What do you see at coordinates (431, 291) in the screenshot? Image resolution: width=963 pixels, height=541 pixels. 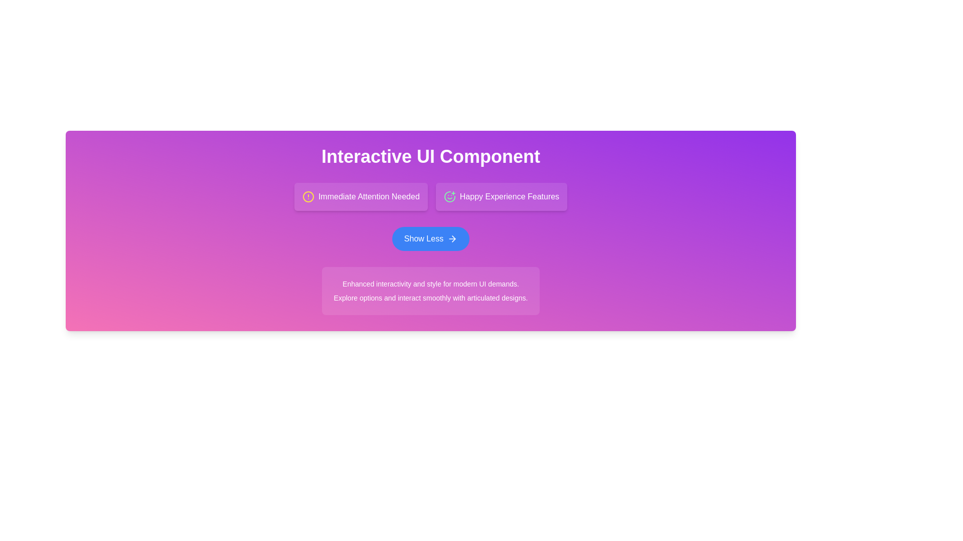 I see `informational text block located beneath the 'Show Less' button, which provides content about enhanced interactivity and style options for the user interface` at bounding box center [431, 291].